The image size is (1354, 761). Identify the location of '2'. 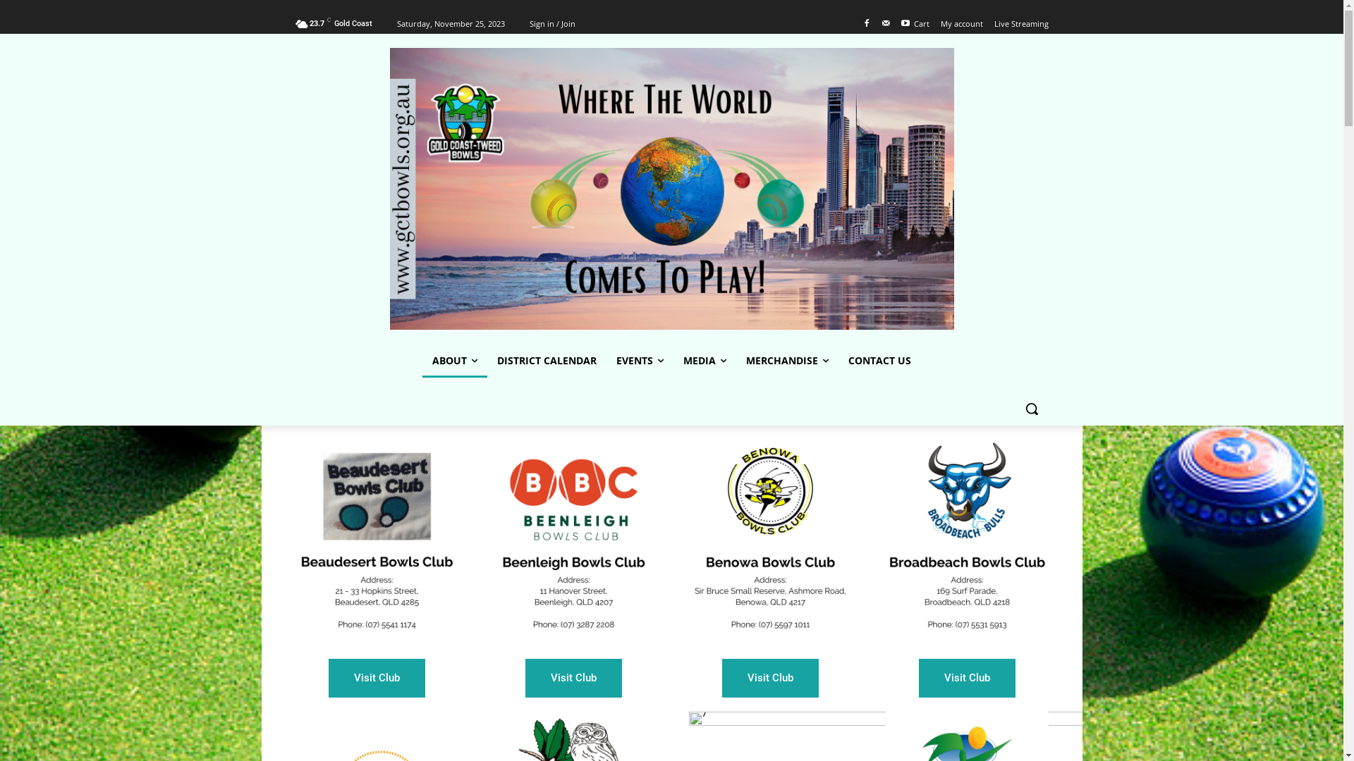
(573, 539).